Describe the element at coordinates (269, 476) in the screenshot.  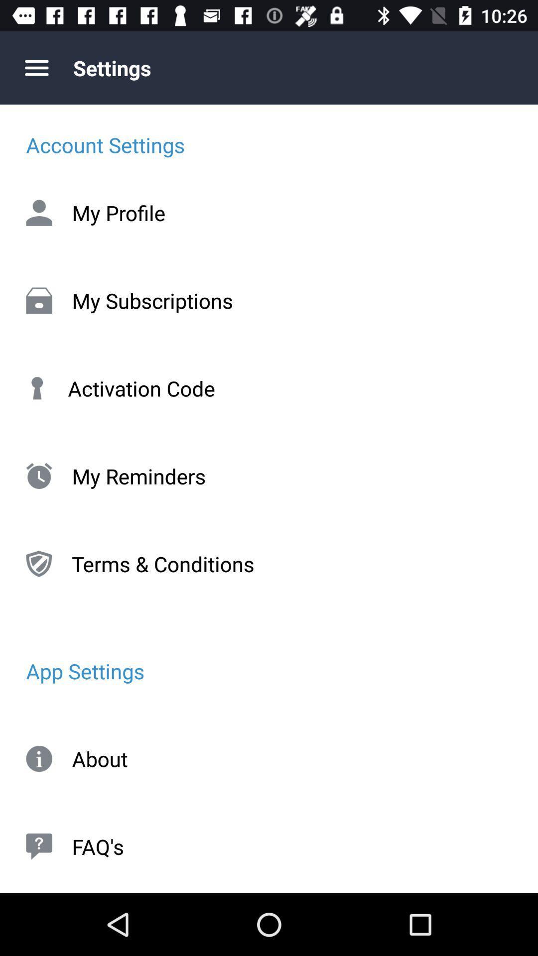
I see `my reminders item` at that location.